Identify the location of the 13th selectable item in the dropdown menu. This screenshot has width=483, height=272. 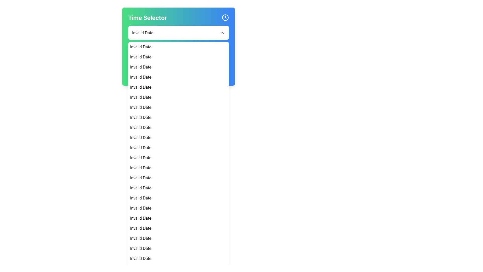
(178, 168).